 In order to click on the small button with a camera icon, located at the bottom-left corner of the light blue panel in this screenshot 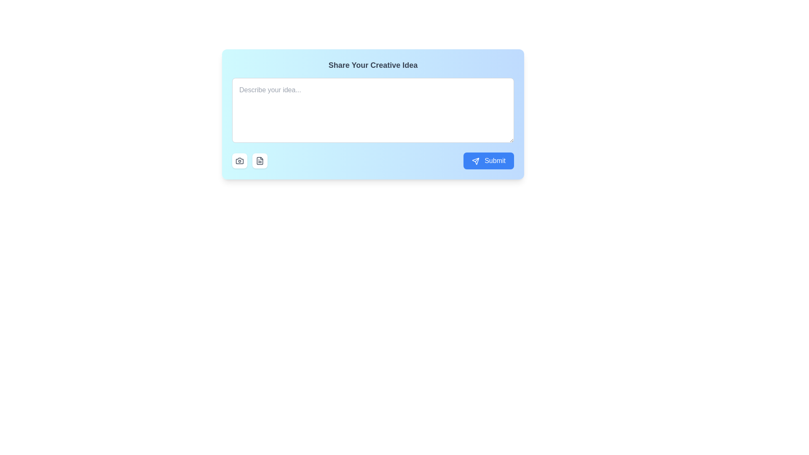, I will do `click(239, 161)`.